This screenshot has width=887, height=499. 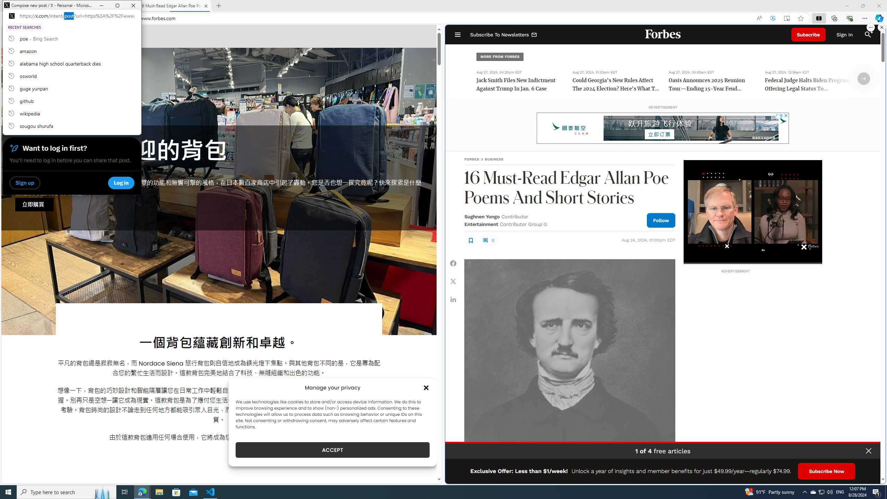 What do you see at coordinates (661, 220) in the screenshot?
I see `'Follow Author'` at bounding box center [661, 220].